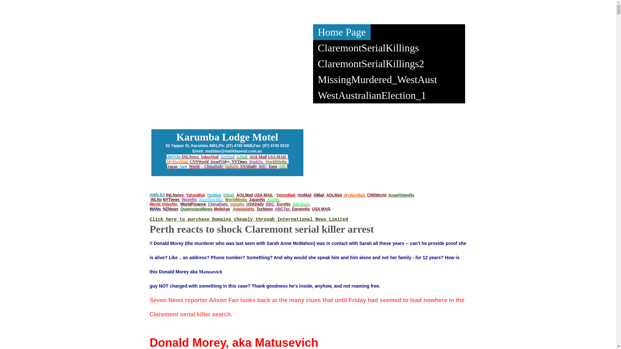  I want to click on 'IsraelVideoNs', so click(401, 195).